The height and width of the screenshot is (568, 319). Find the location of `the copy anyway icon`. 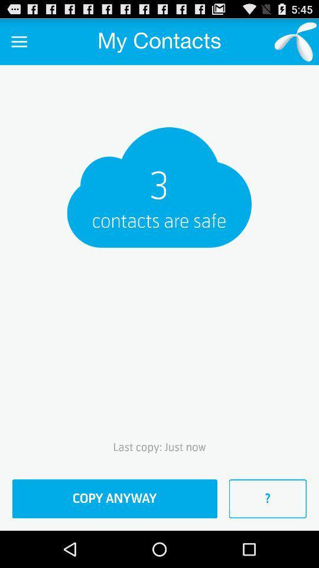

the copy anyway icon is located at coordinates (115, 498).